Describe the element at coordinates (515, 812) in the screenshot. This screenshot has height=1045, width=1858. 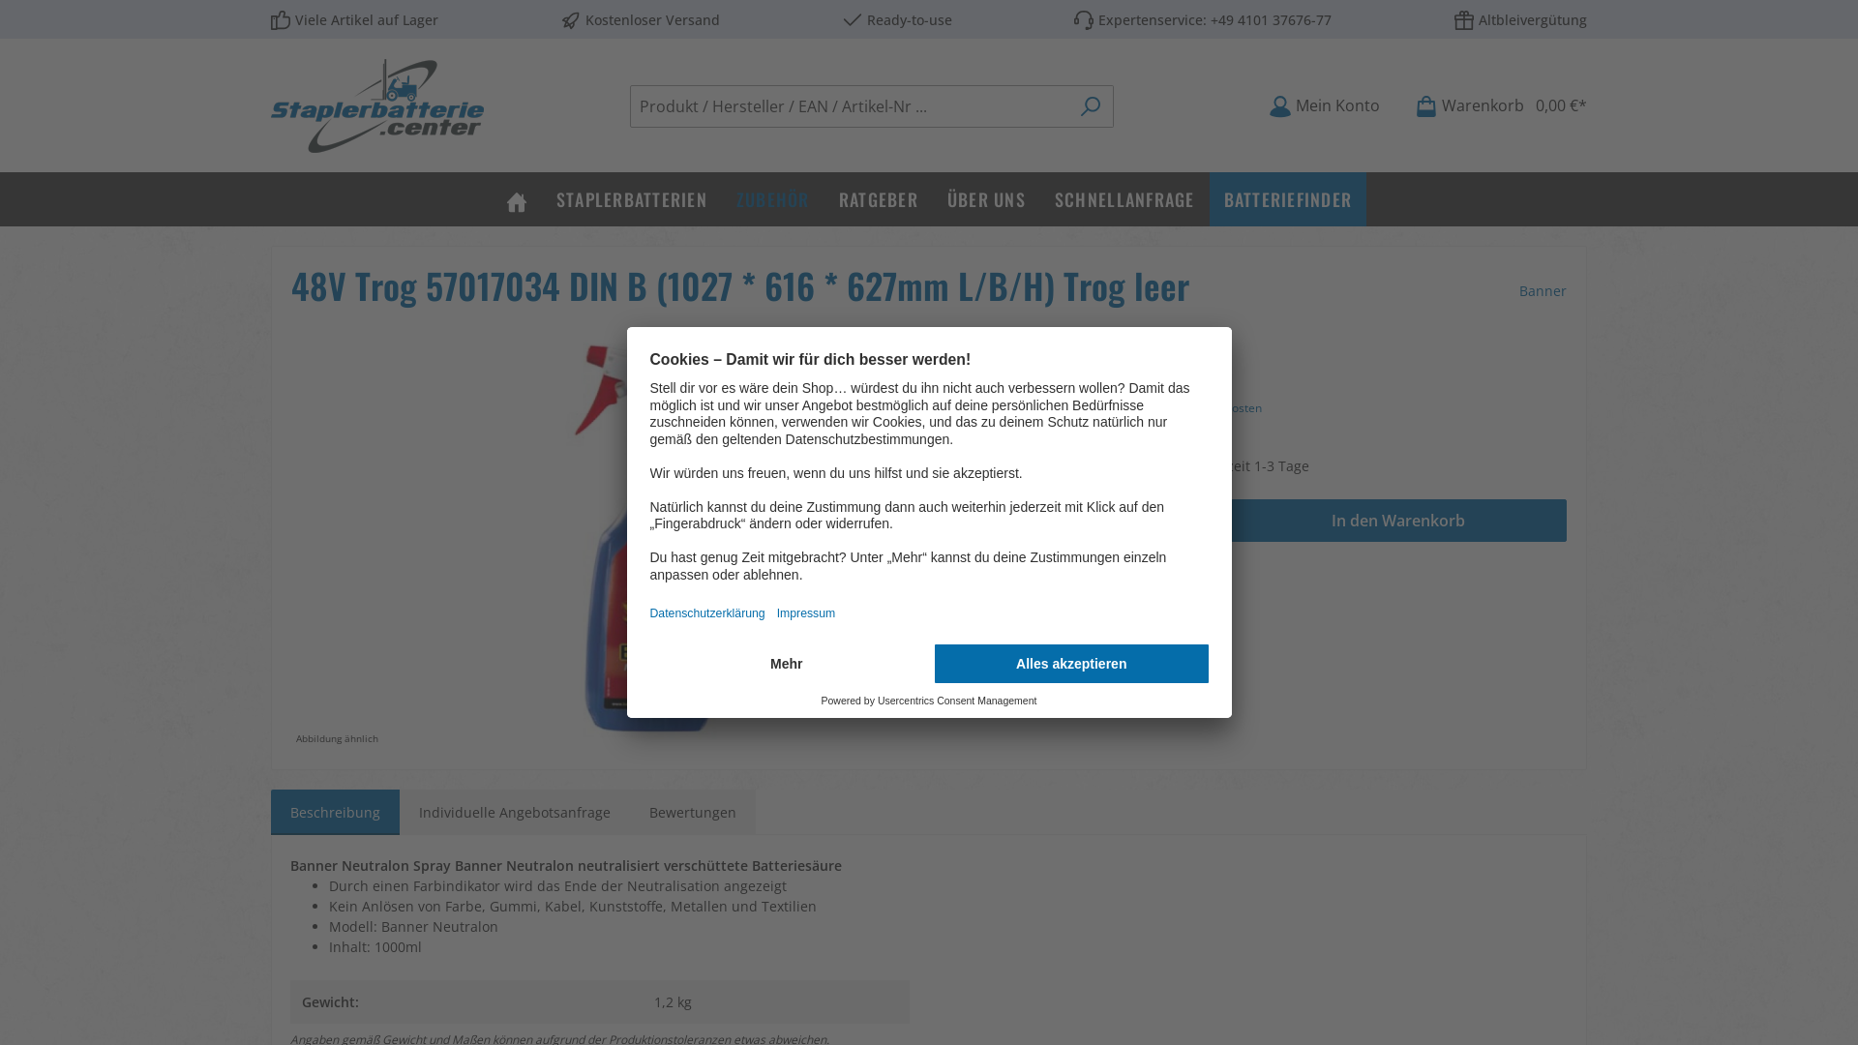
I see `'Individuelle Angebotsanfrage'` at that location.